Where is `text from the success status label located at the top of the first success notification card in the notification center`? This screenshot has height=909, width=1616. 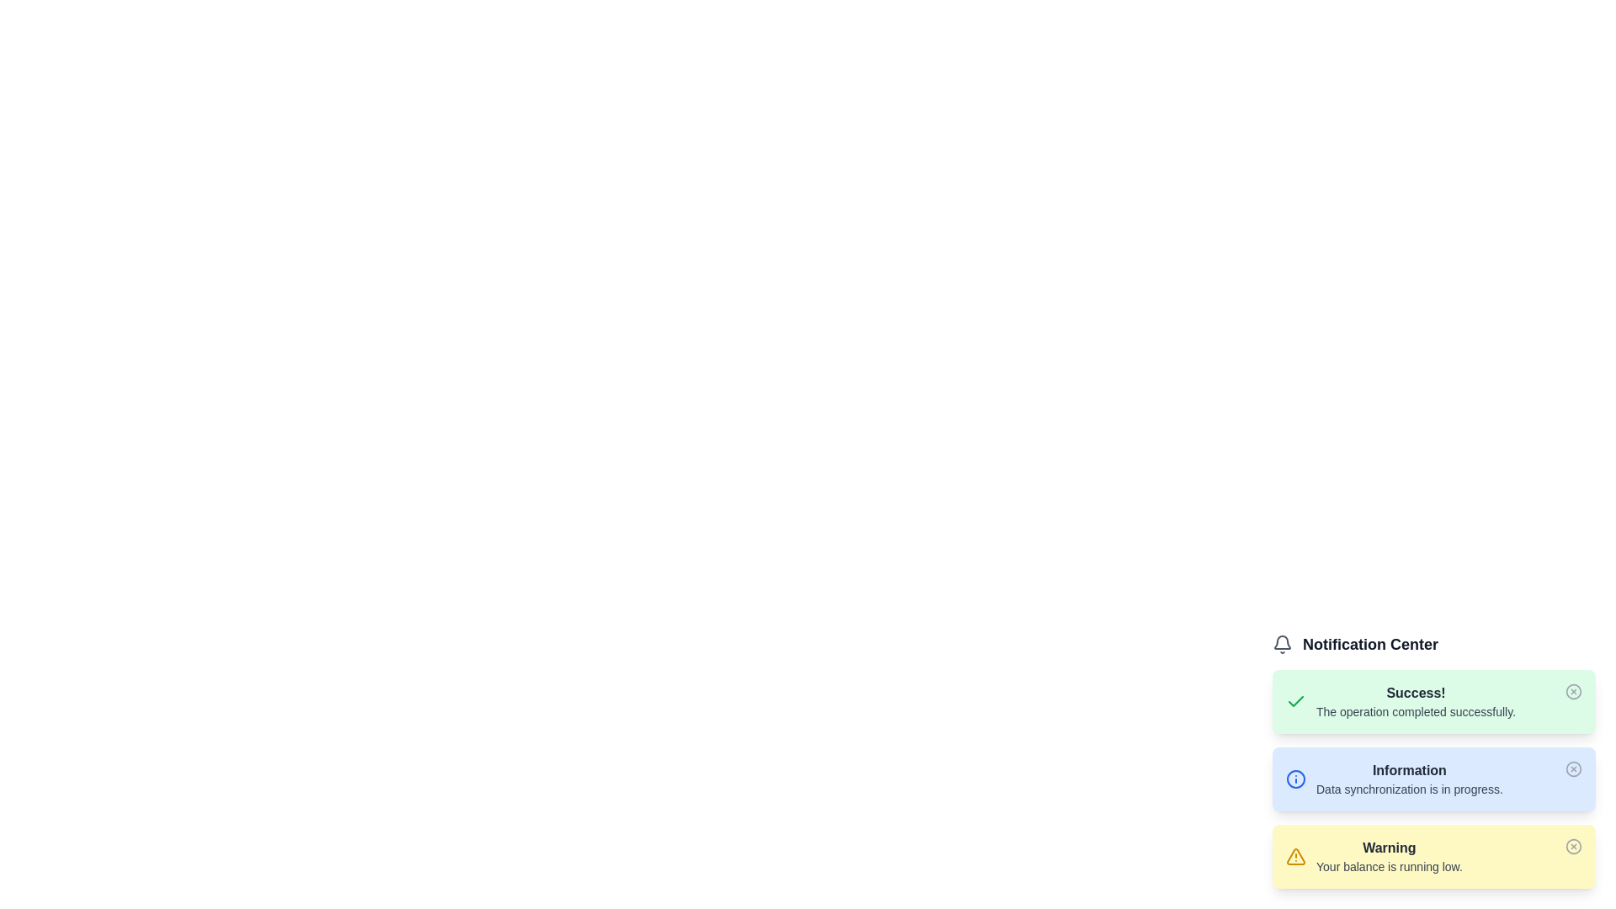 text from the success status label located at the top of the first success notification card in the notification center is located at coordinates (1415, 694).